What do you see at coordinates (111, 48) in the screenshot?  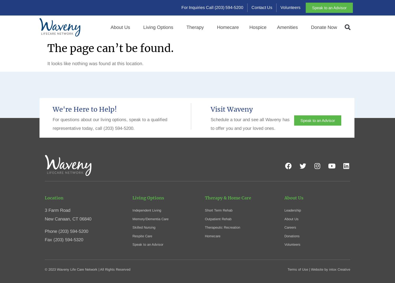 I see `'The page can’t be found.'` at bounding box center [111, 48].